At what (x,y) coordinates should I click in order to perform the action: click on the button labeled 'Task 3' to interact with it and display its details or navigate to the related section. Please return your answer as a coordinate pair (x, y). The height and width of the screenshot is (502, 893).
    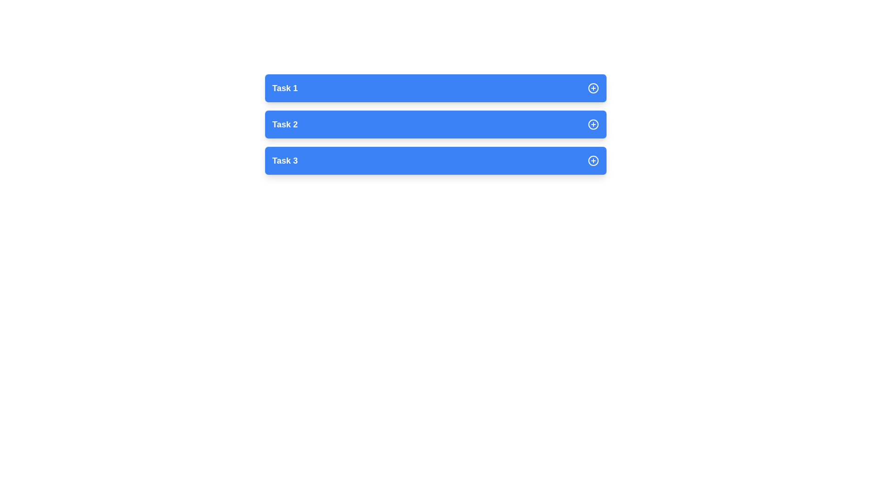
    Looking at the image, I should click on (435, 160).